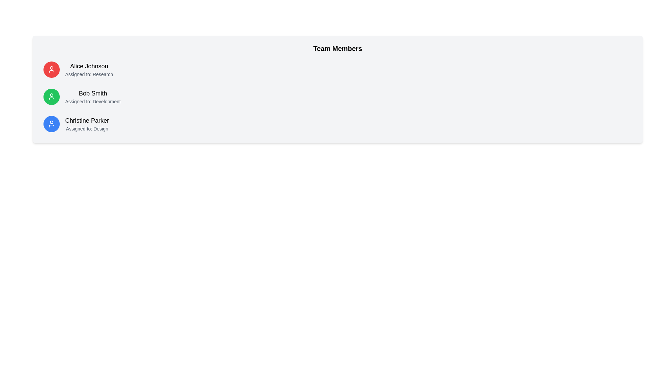 The height and width of the screenshot is (367, 652). What do you see at coordinates (51, 69) in the screenshot?
I see `the circular profile picture icon filled with vibrant red color, which is located on the far left of the first row in the list of team members, adjacent to the name 'Alice Johnson'` at bounding box center [51, 69].